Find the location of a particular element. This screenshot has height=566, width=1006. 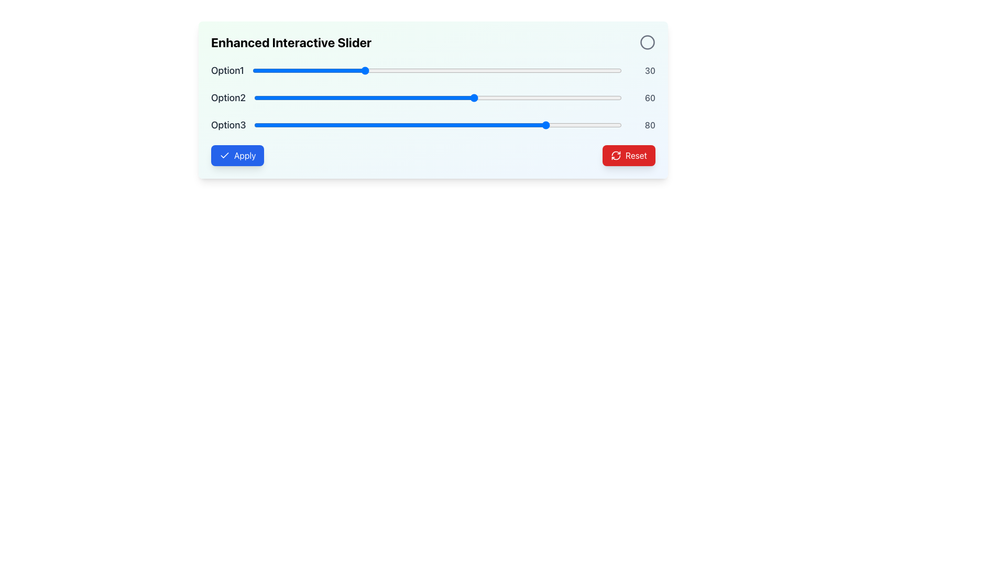

the slider is located at coordinates (283, 125).